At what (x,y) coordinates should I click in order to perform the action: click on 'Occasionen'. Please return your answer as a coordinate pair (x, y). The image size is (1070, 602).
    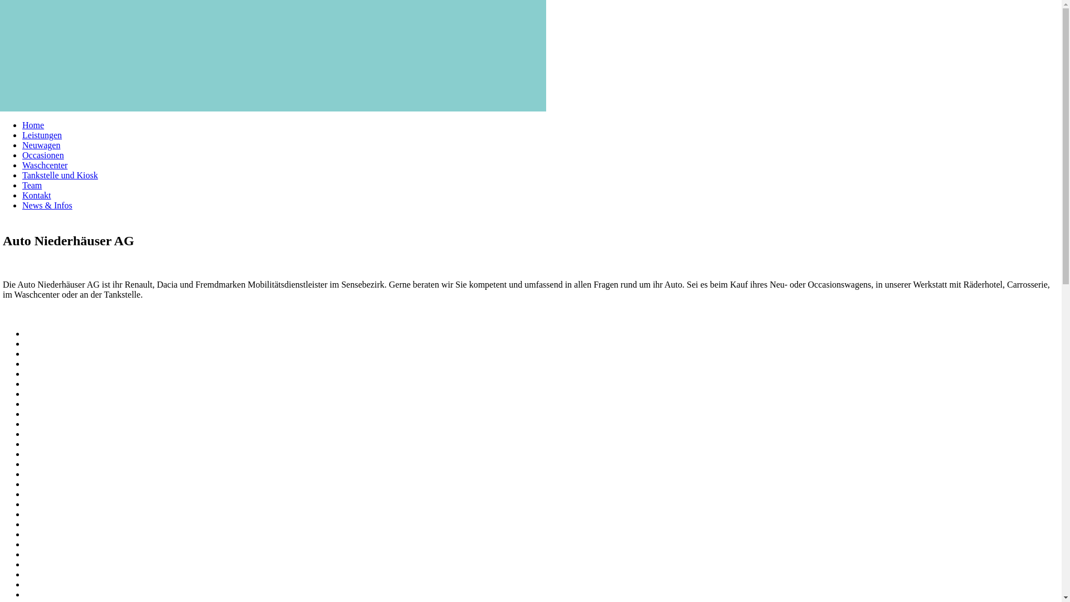
    Looking at the image, I should click on (43, 155).